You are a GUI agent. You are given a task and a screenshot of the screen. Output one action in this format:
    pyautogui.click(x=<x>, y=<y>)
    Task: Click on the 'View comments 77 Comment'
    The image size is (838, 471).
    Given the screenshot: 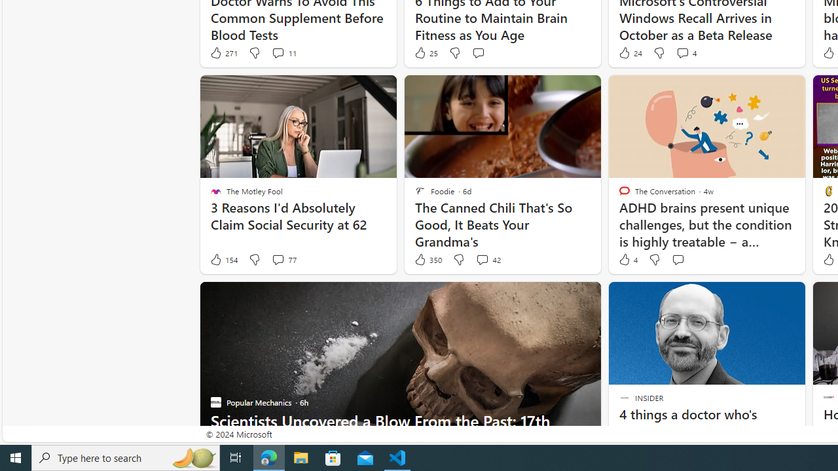 What is the action you would take?
    pyautogui.click(x=277, y=260)
    